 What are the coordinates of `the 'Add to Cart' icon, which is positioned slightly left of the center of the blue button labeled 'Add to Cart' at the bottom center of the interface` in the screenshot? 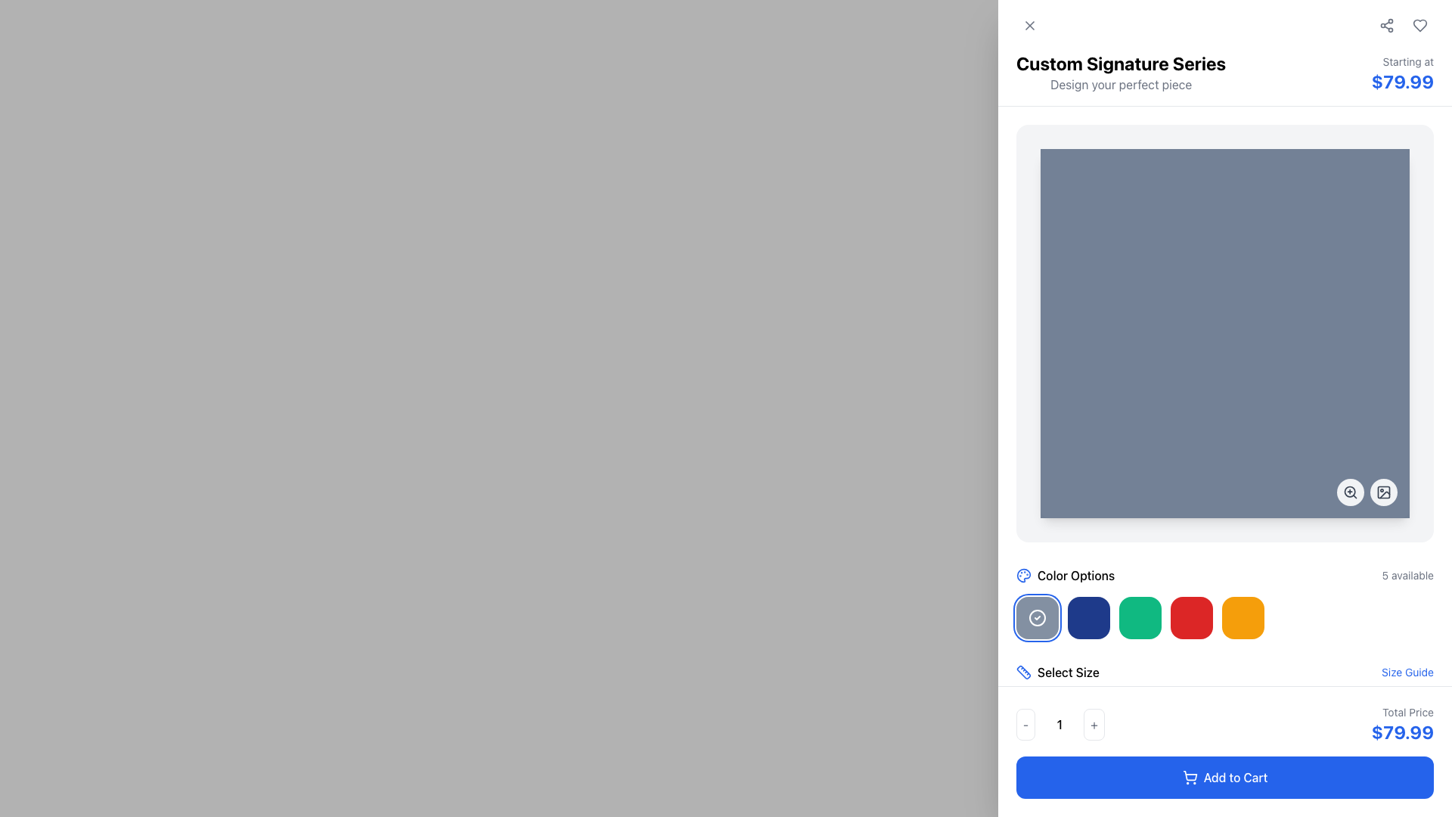 It's located at (1189, 778).